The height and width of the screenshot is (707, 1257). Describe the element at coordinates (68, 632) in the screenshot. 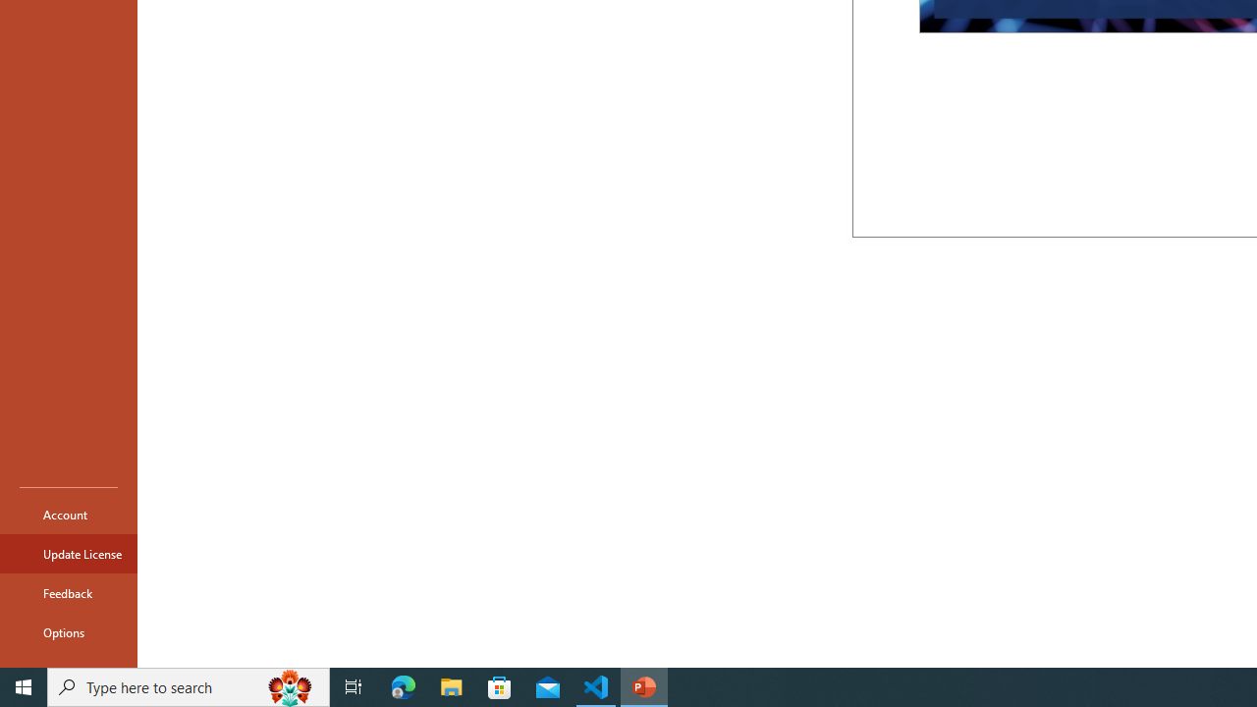

I see `'Options'` at that location.